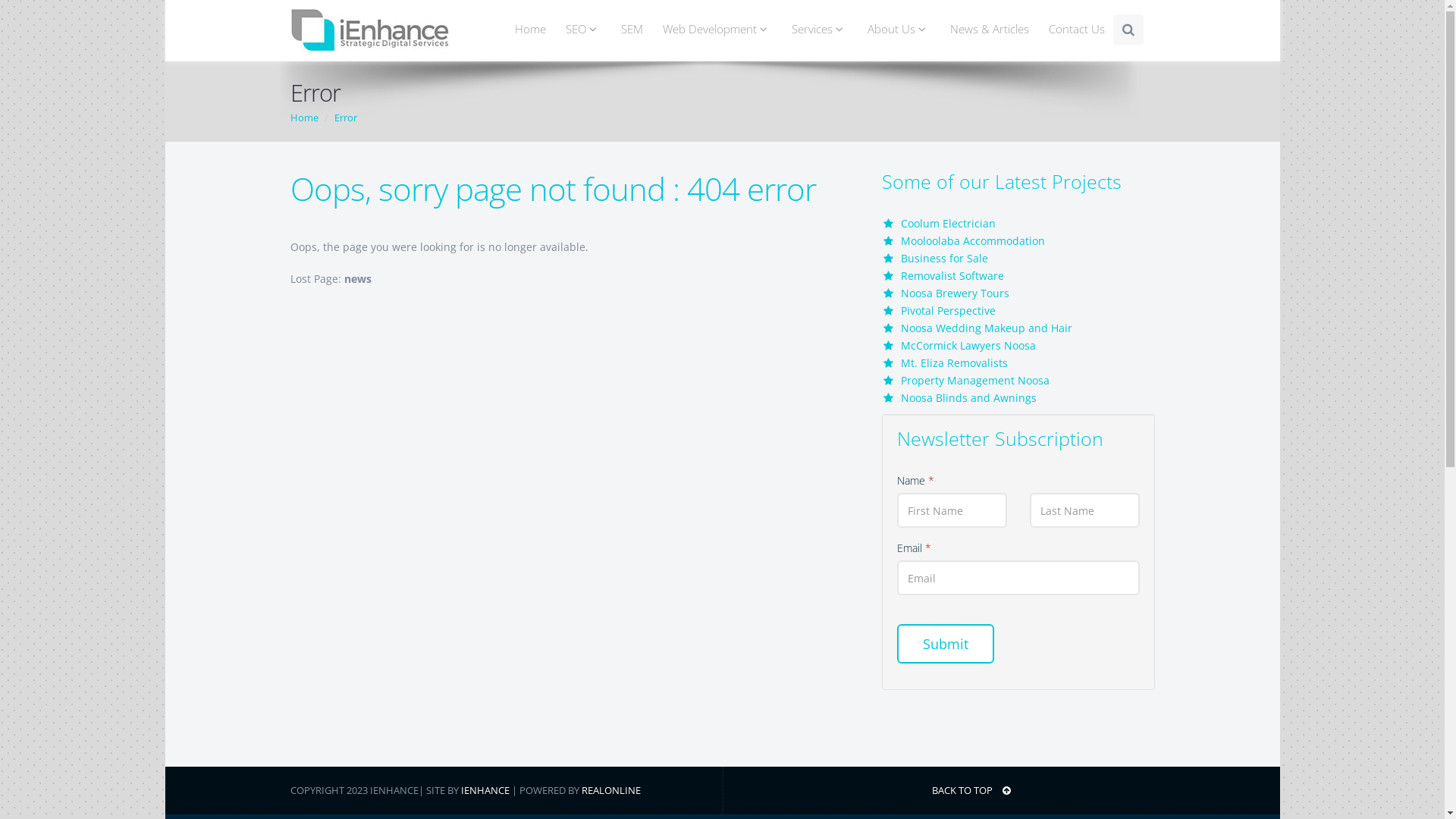  What do you see at coordinates (901, 345) in the screenshot?
I see `'McCormick Lawyers Noosa'` at bounding box center [901, 345].